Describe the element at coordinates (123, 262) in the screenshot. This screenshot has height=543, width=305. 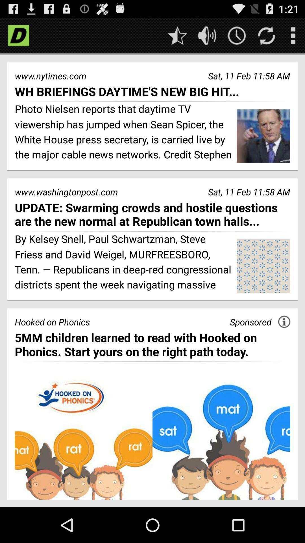
I see `by kelsey snell item` at that location.